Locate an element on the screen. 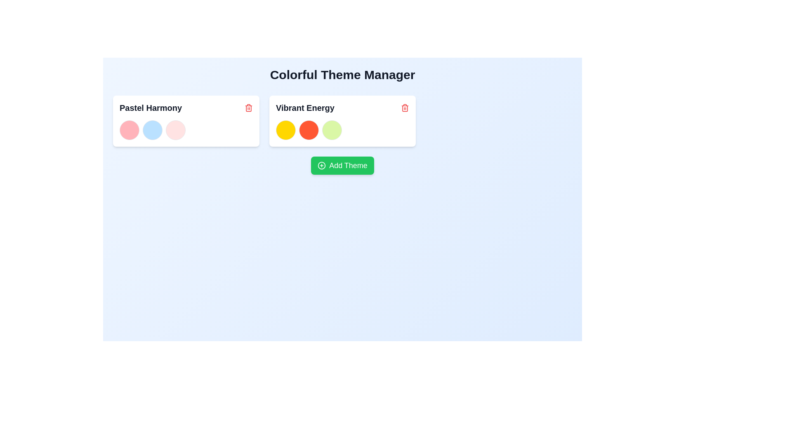 The width and height of the screenshot is (792, 445). the text label displaying 'Pastel Harmony' located in the top-left section of the first theme card is located at coordinates (186, 108).